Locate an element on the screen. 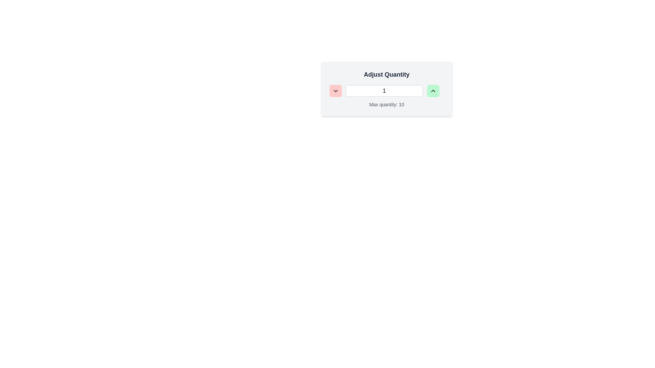  the quantity input field of the composite UI component for manually adjusting the value is located at coordinates (387, 89).